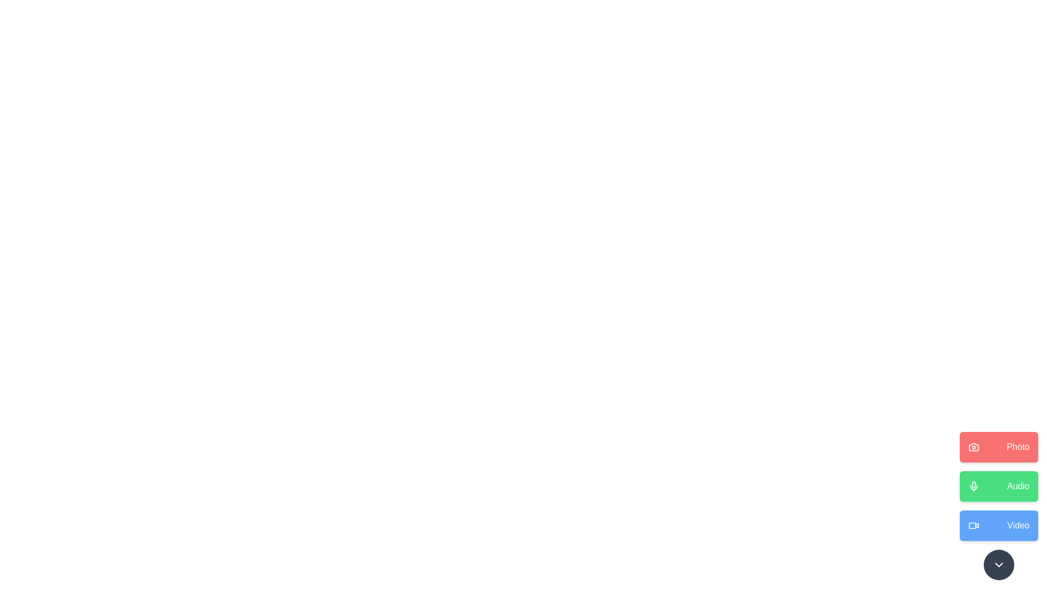 This screenshot has width=1047, height=589. What do you see at coordinates (999, 525) in the screenshot?
I see `the 'Video' button to trigger the associated action` at bounding box center [999, 525].